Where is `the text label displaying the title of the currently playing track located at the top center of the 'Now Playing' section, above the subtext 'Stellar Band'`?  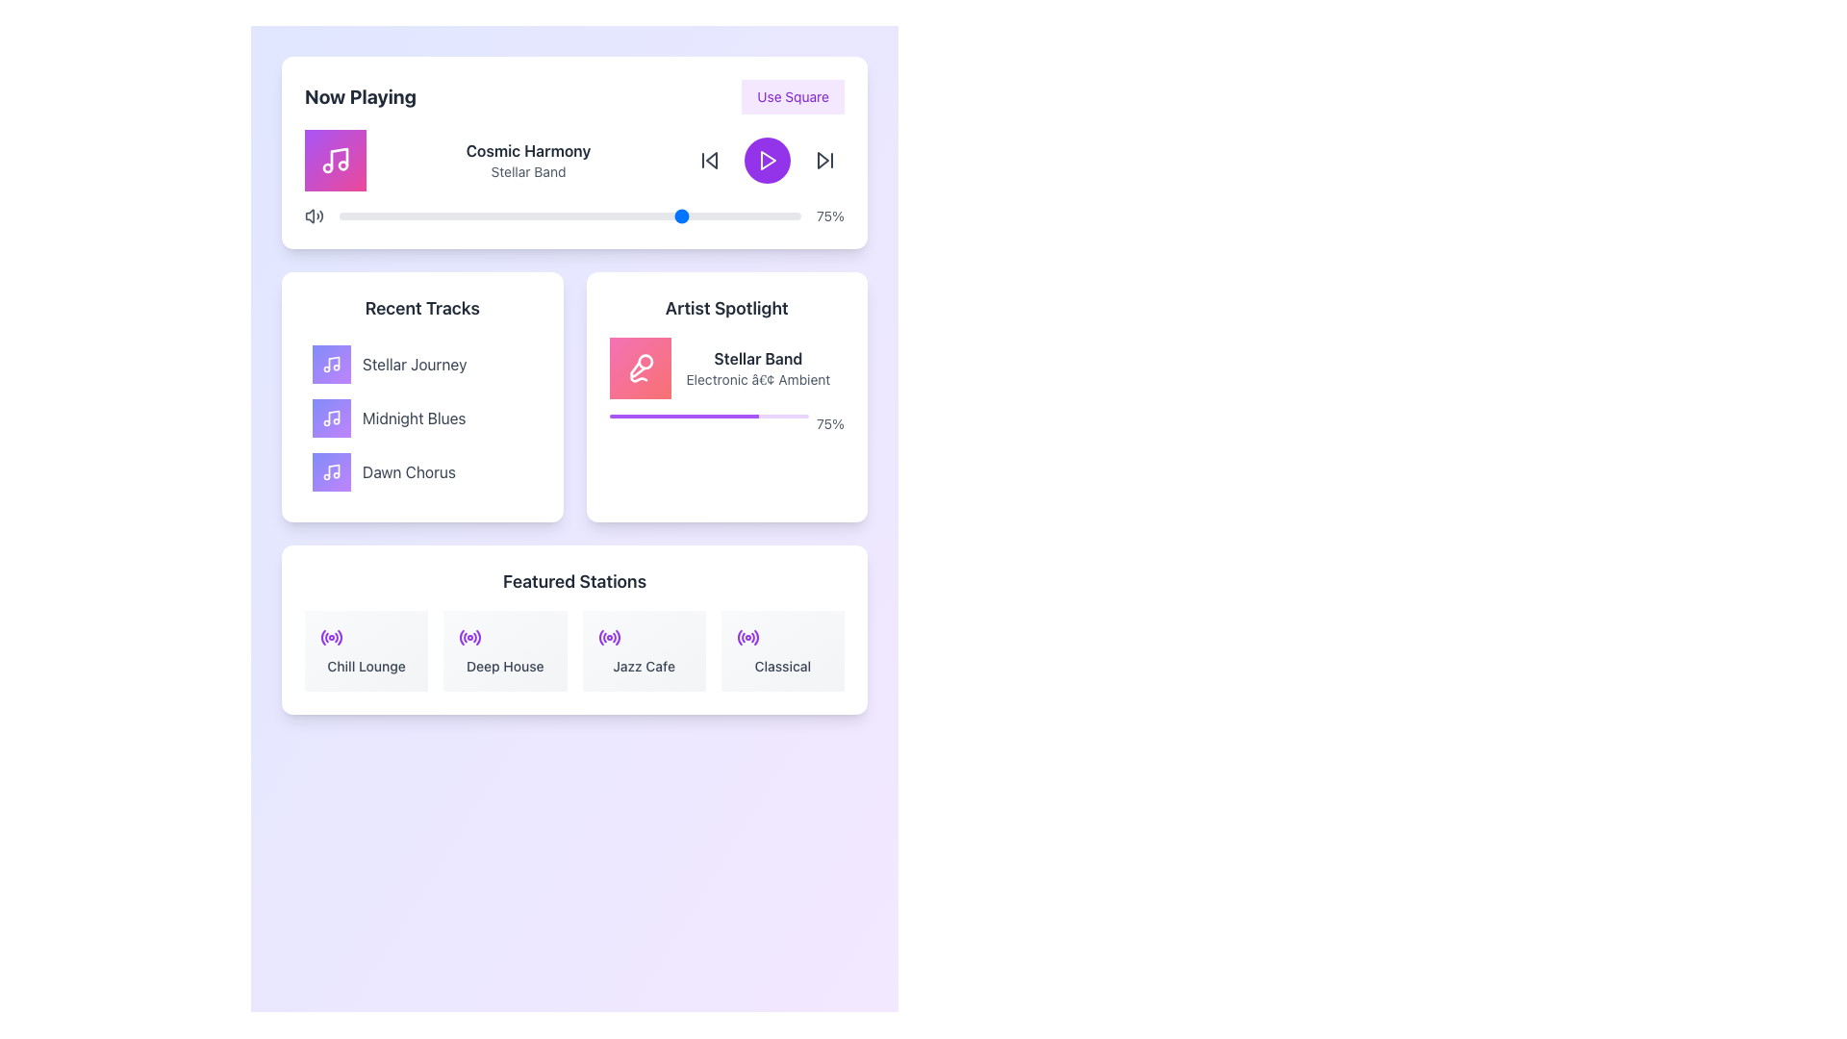 the text label displaying the title of the currently playing track located at the top center of the 'Now Playing' section, above the subtext 'Stellar Band' is located at coordinates (528, 150).